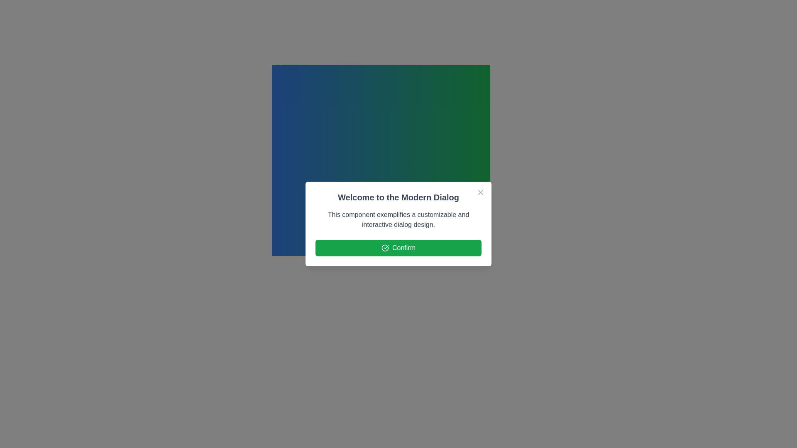  What do you see at coordinates (384, 247) in the screenshot?
I see `the green confirmation icon with a checkmark inside, located to the left of the 'Confirm' button text` at bounding box center [384, 247].